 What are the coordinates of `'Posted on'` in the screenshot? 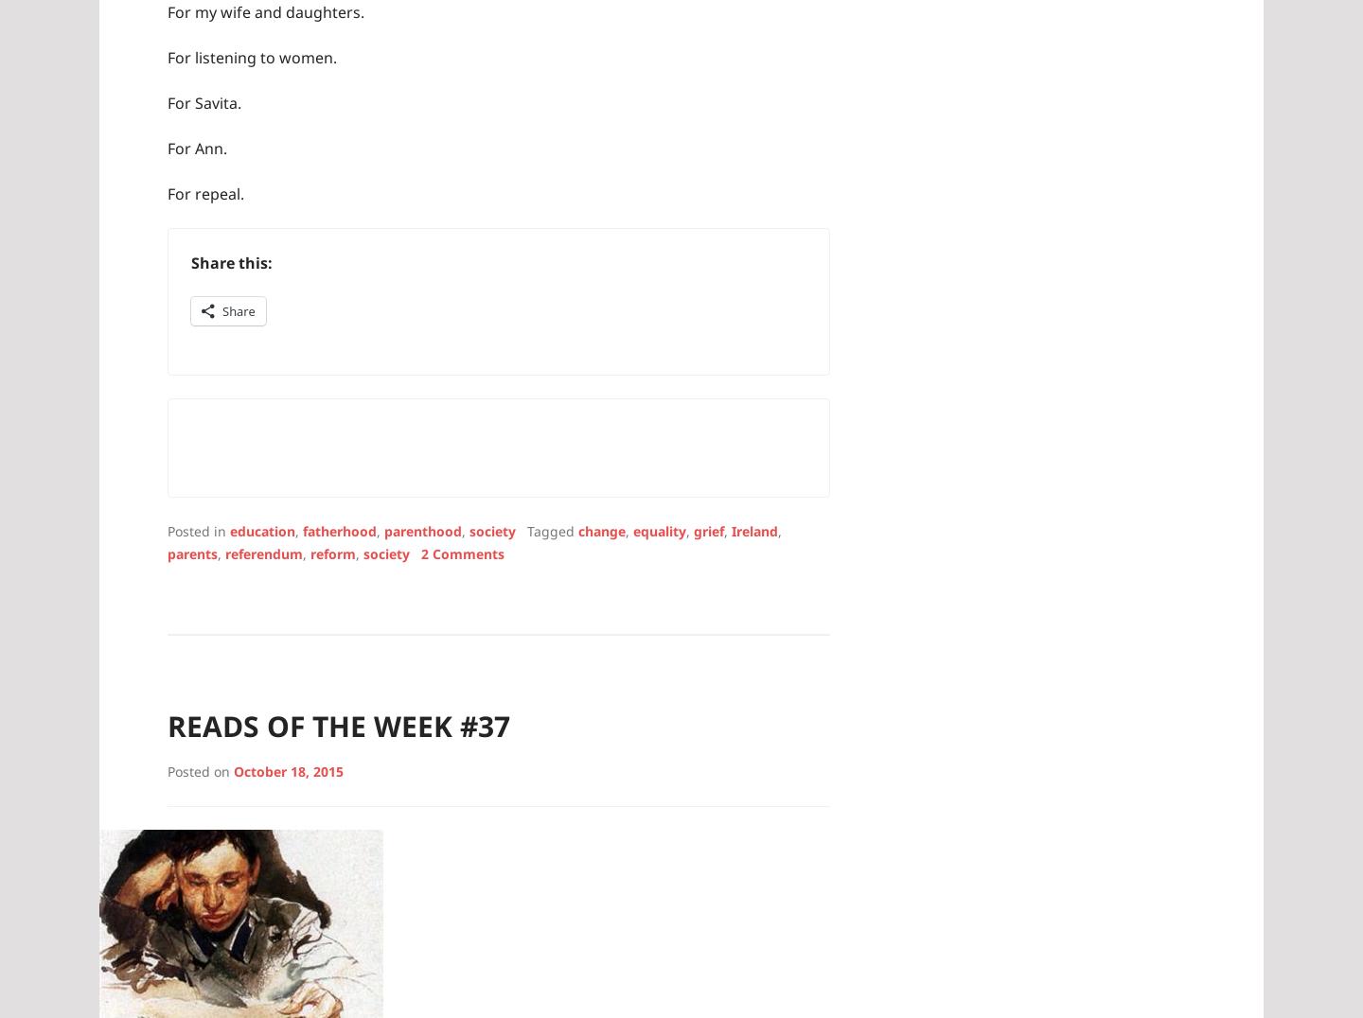 It's located at (166, 769).